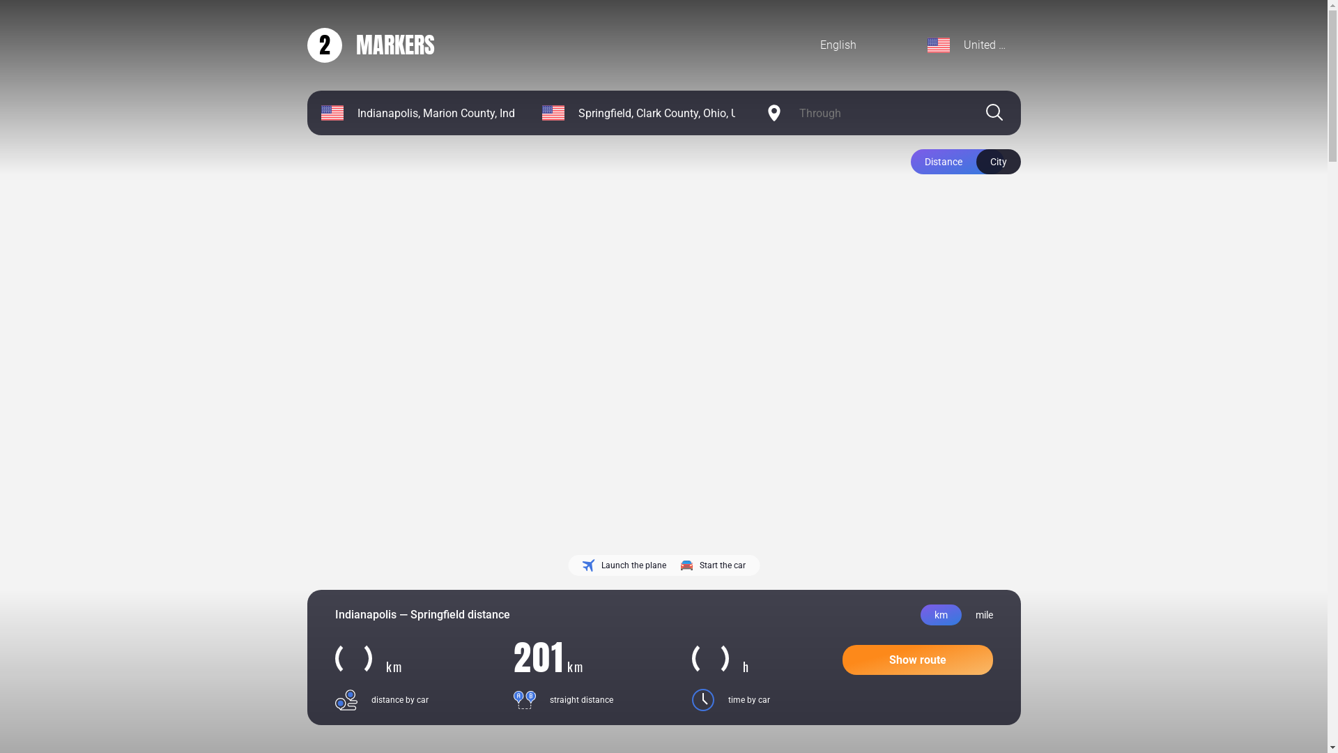  What do you see at coordinates (806, 45) in the screenshot?
I see `'English'` at bounding box center [806, 45].